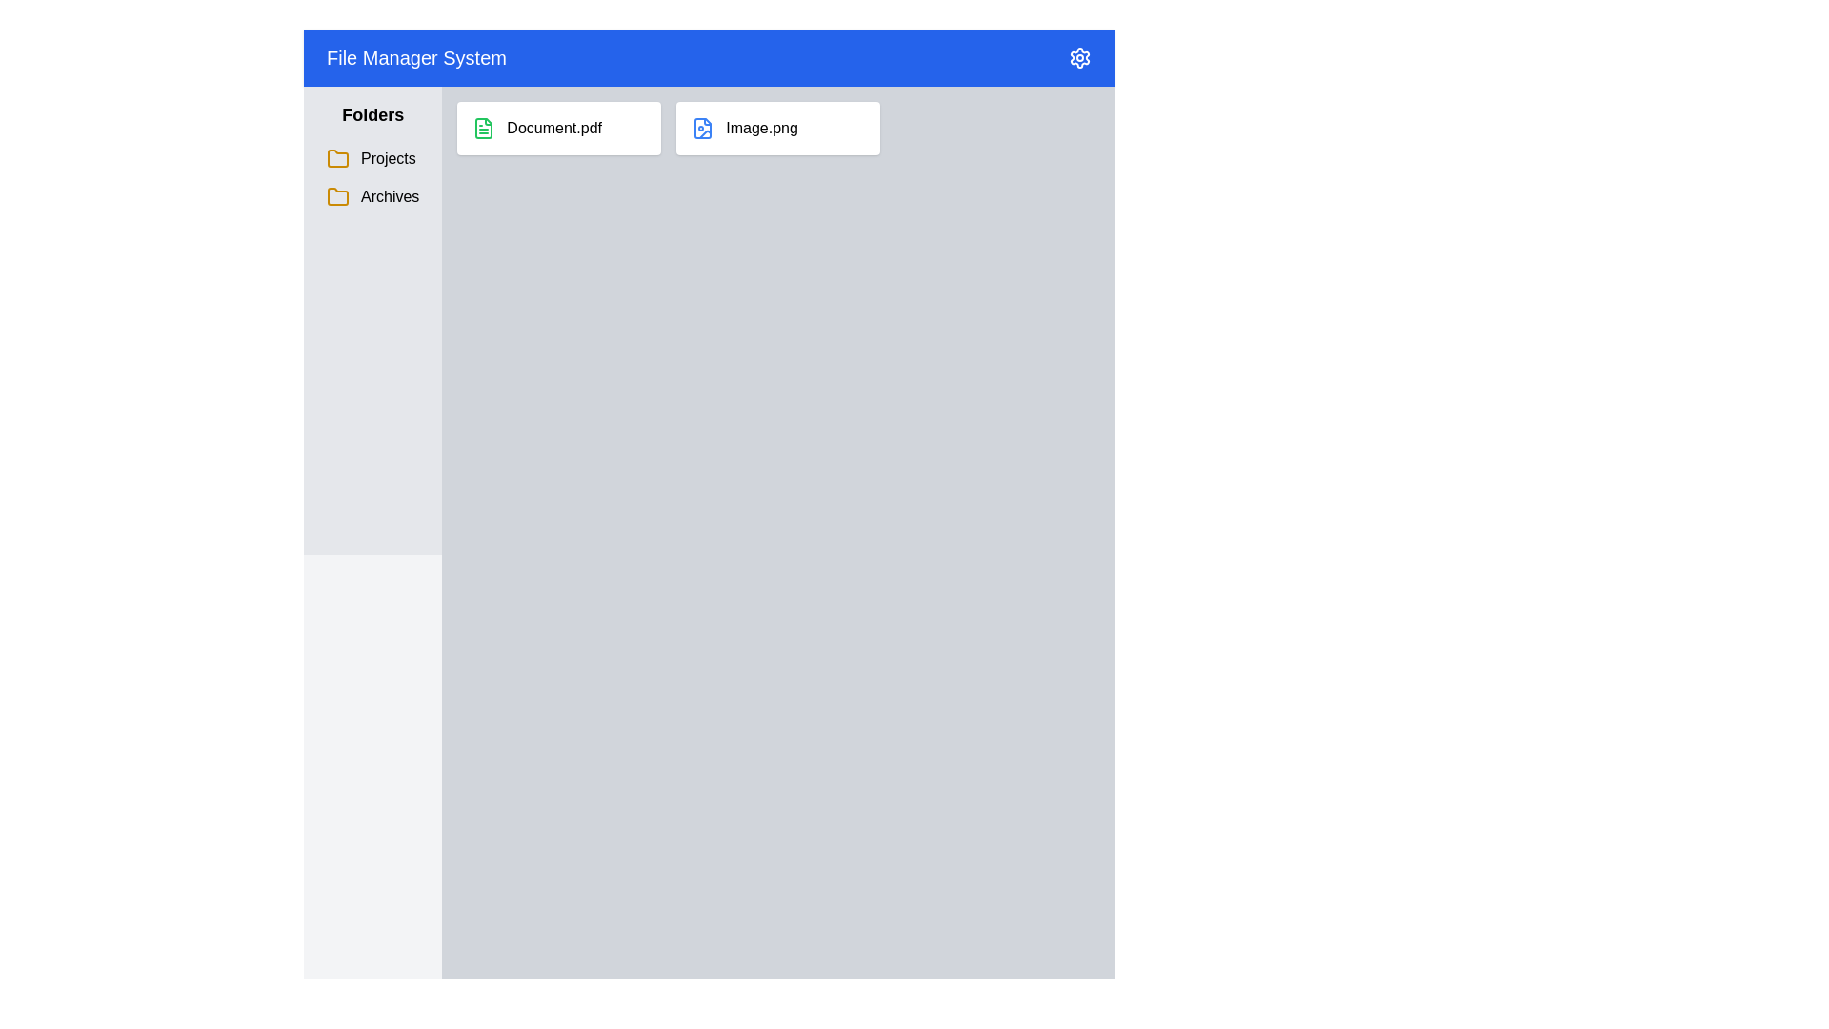  Describe the element at coordinates (372, 157) in the screenshot. I see `the first navigational item 'Projects' under the 'Folders' section` at that location.